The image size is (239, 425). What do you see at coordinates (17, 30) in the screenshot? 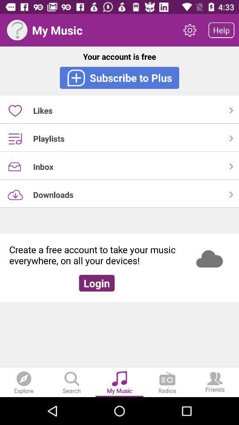
I see `item above your account is` at bounding box center [17, 30].